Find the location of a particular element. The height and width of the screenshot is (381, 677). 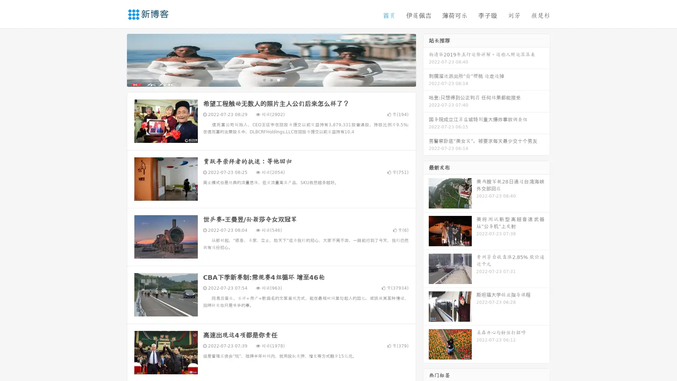

Next slide is located at coordinates (426, 59).